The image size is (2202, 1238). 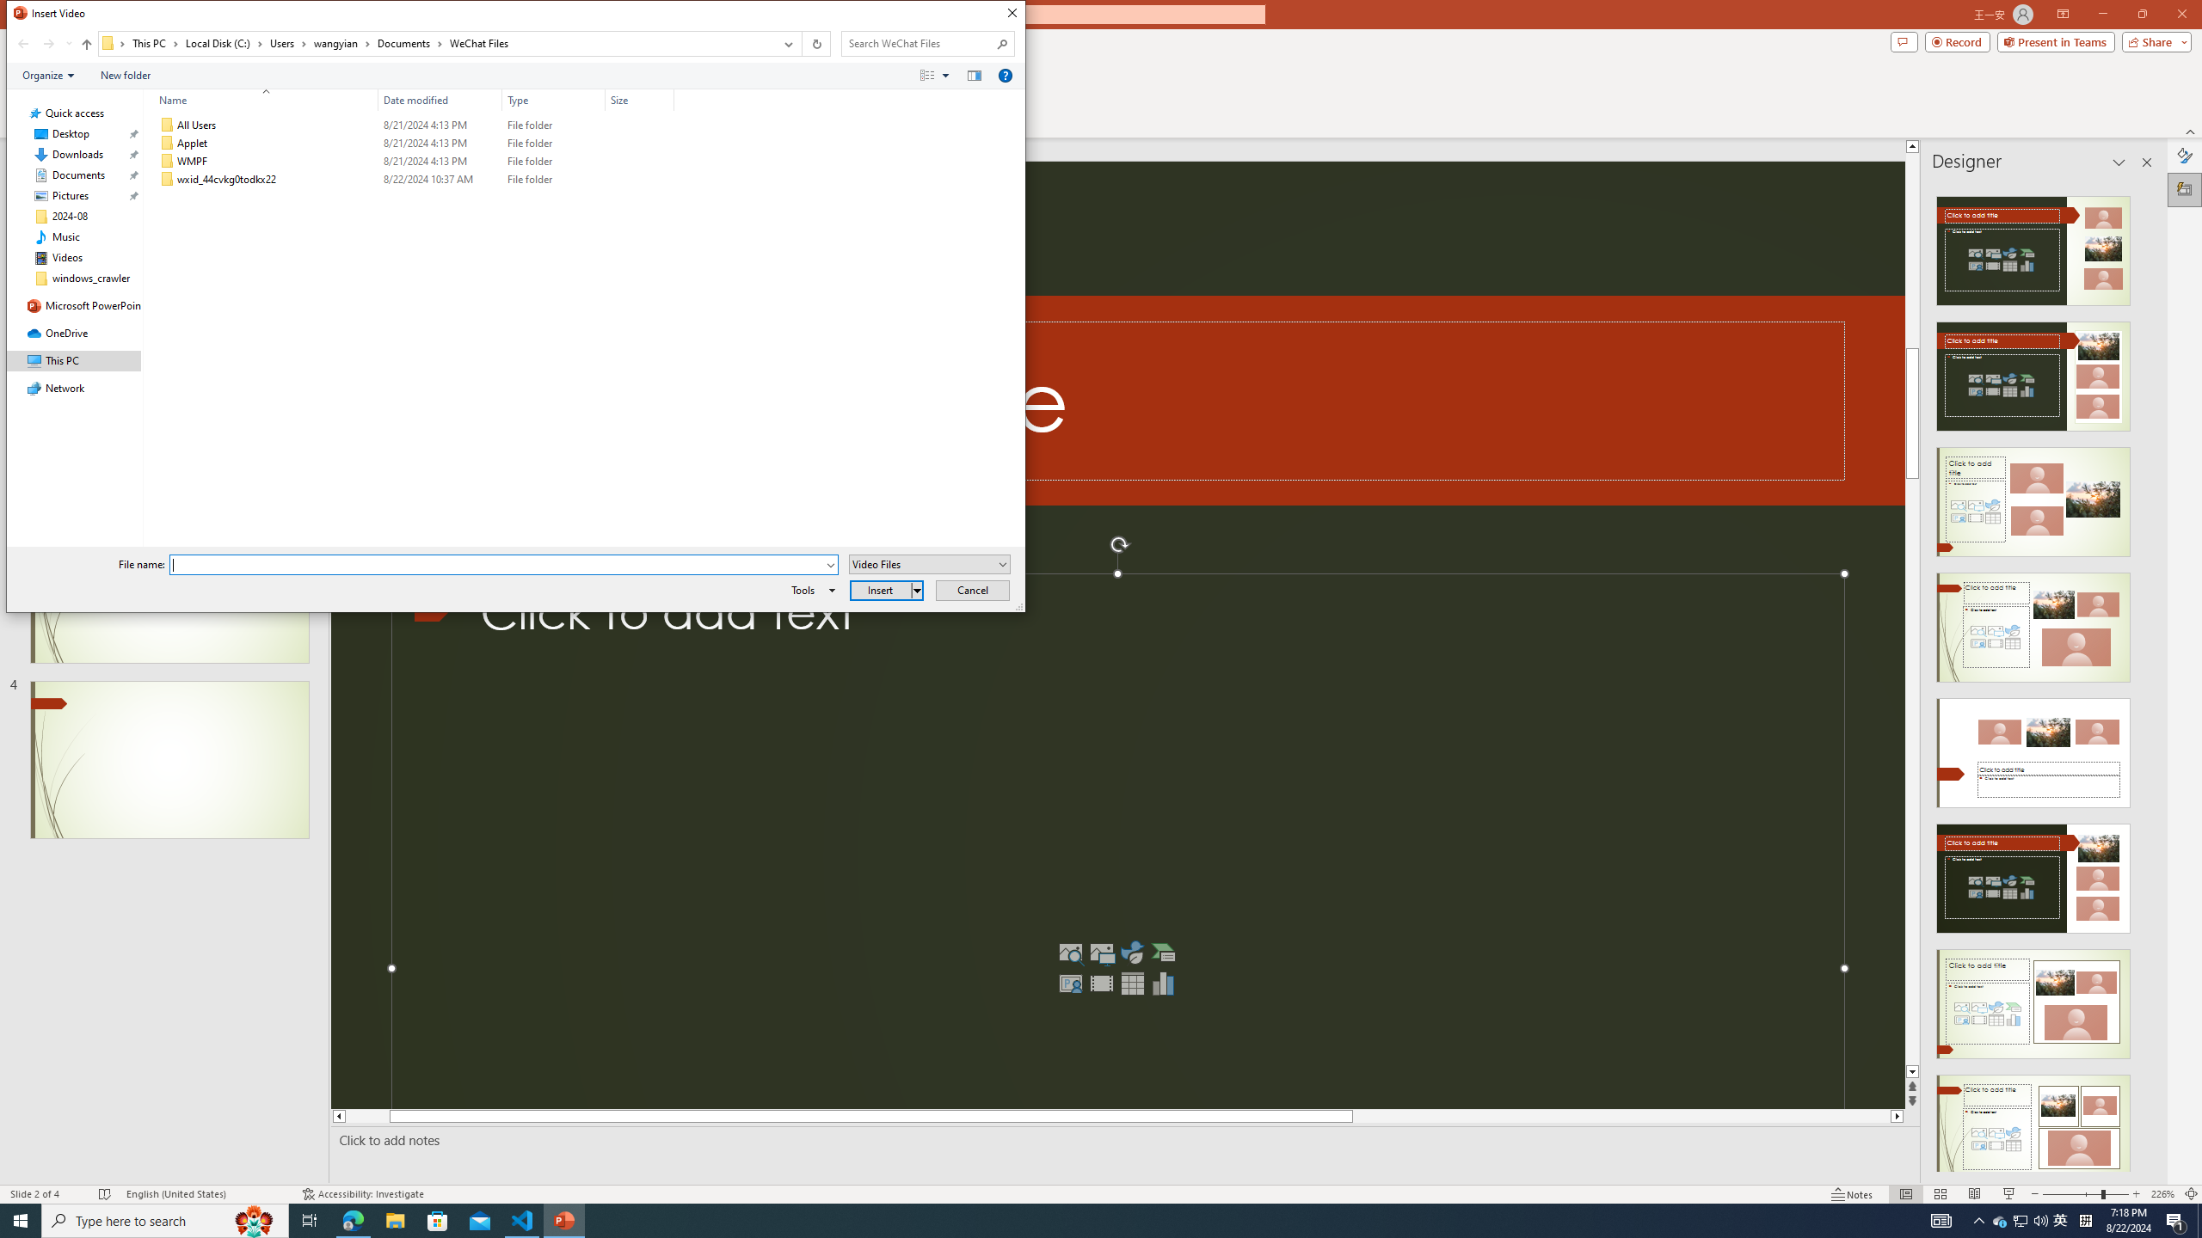 I want to click on '&Help', so click(x=1004, y=75).